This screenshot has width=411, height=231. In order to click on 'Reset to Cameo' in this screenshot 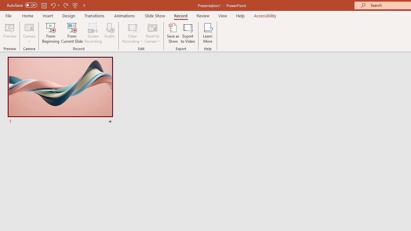, I will do `click(152, 33)`.